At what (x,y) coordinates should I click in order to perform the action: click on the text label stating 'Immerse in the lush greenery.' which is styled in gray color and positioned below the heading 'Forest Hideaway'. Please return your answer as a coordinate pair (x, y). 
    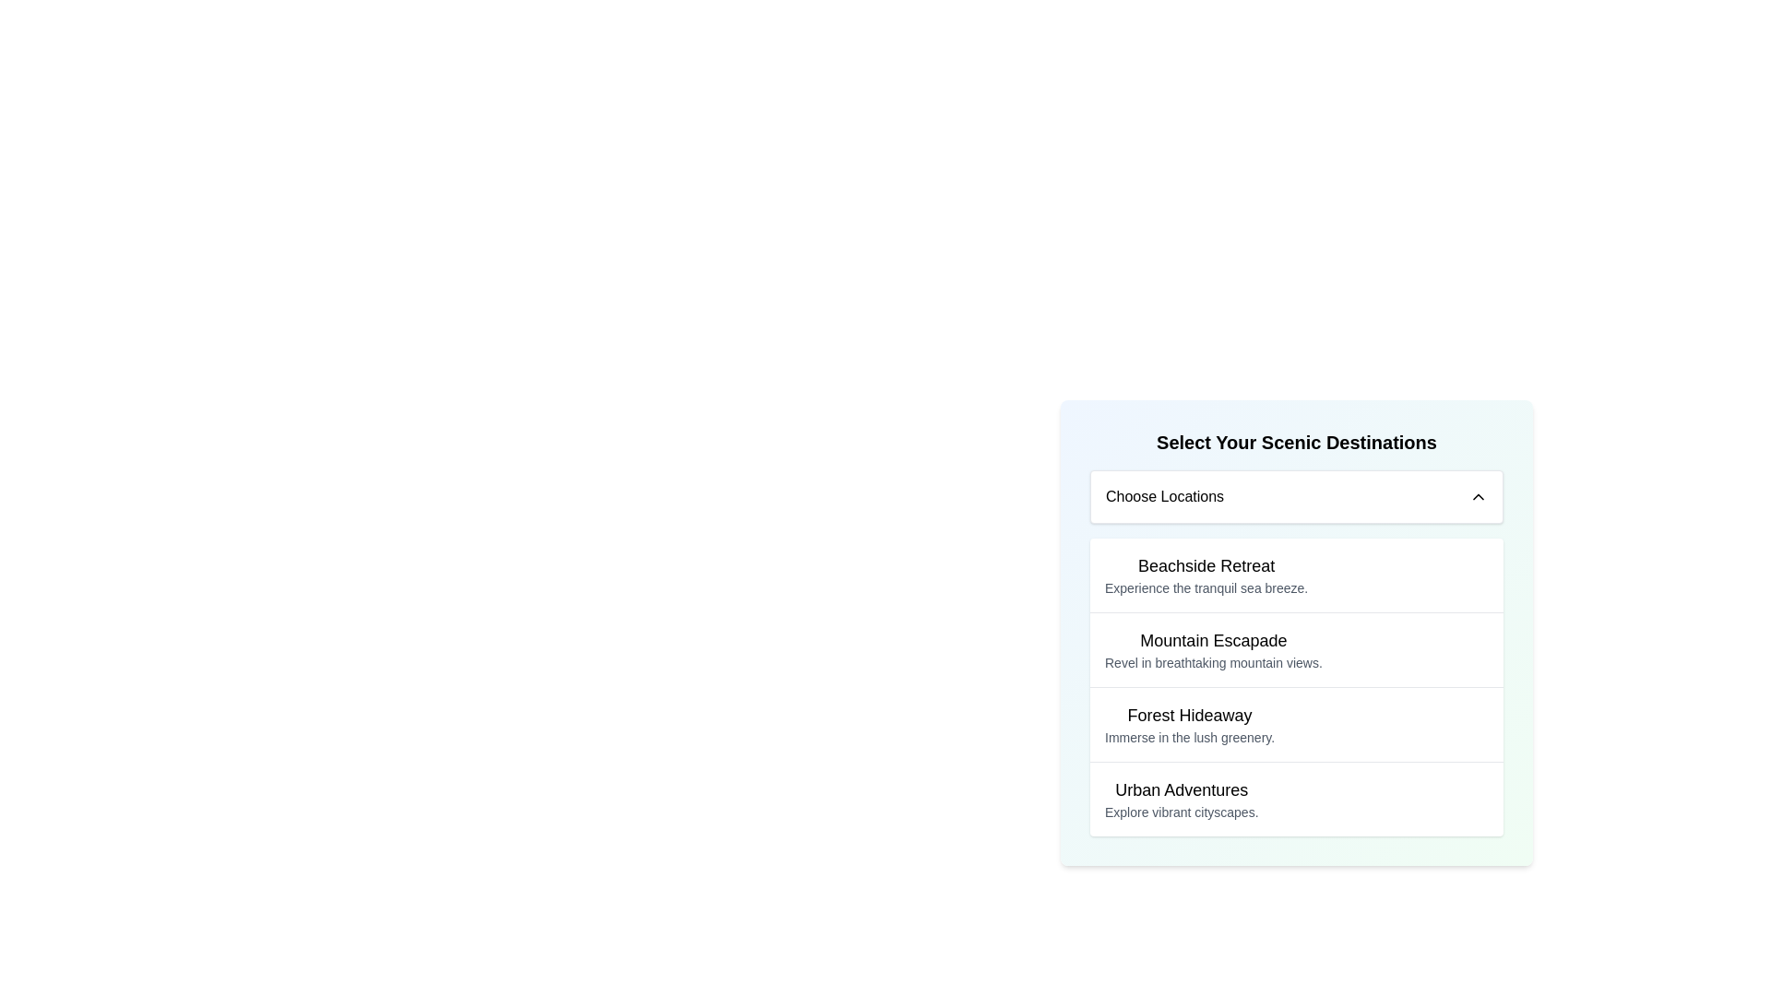
    Looking at the image, I should click on (1190, 736).